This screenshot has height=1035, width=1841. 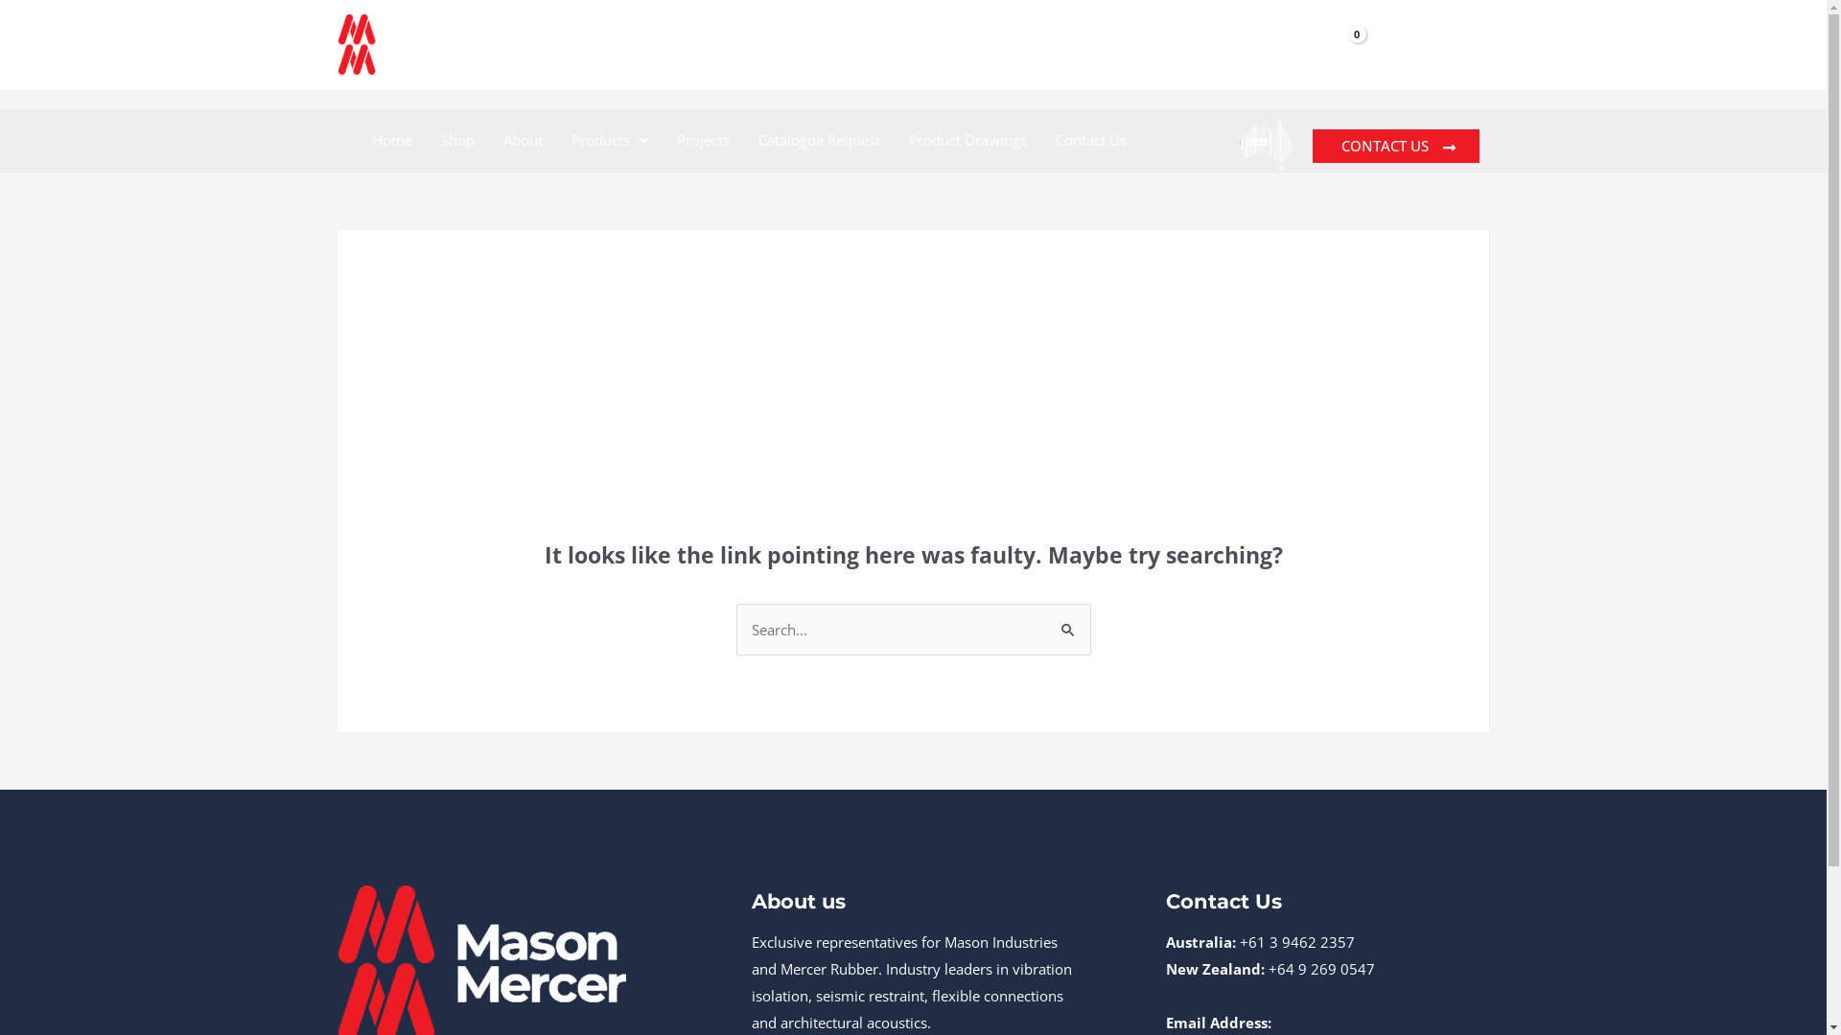 I want to click on 'Home', so click(x=357, y=139).